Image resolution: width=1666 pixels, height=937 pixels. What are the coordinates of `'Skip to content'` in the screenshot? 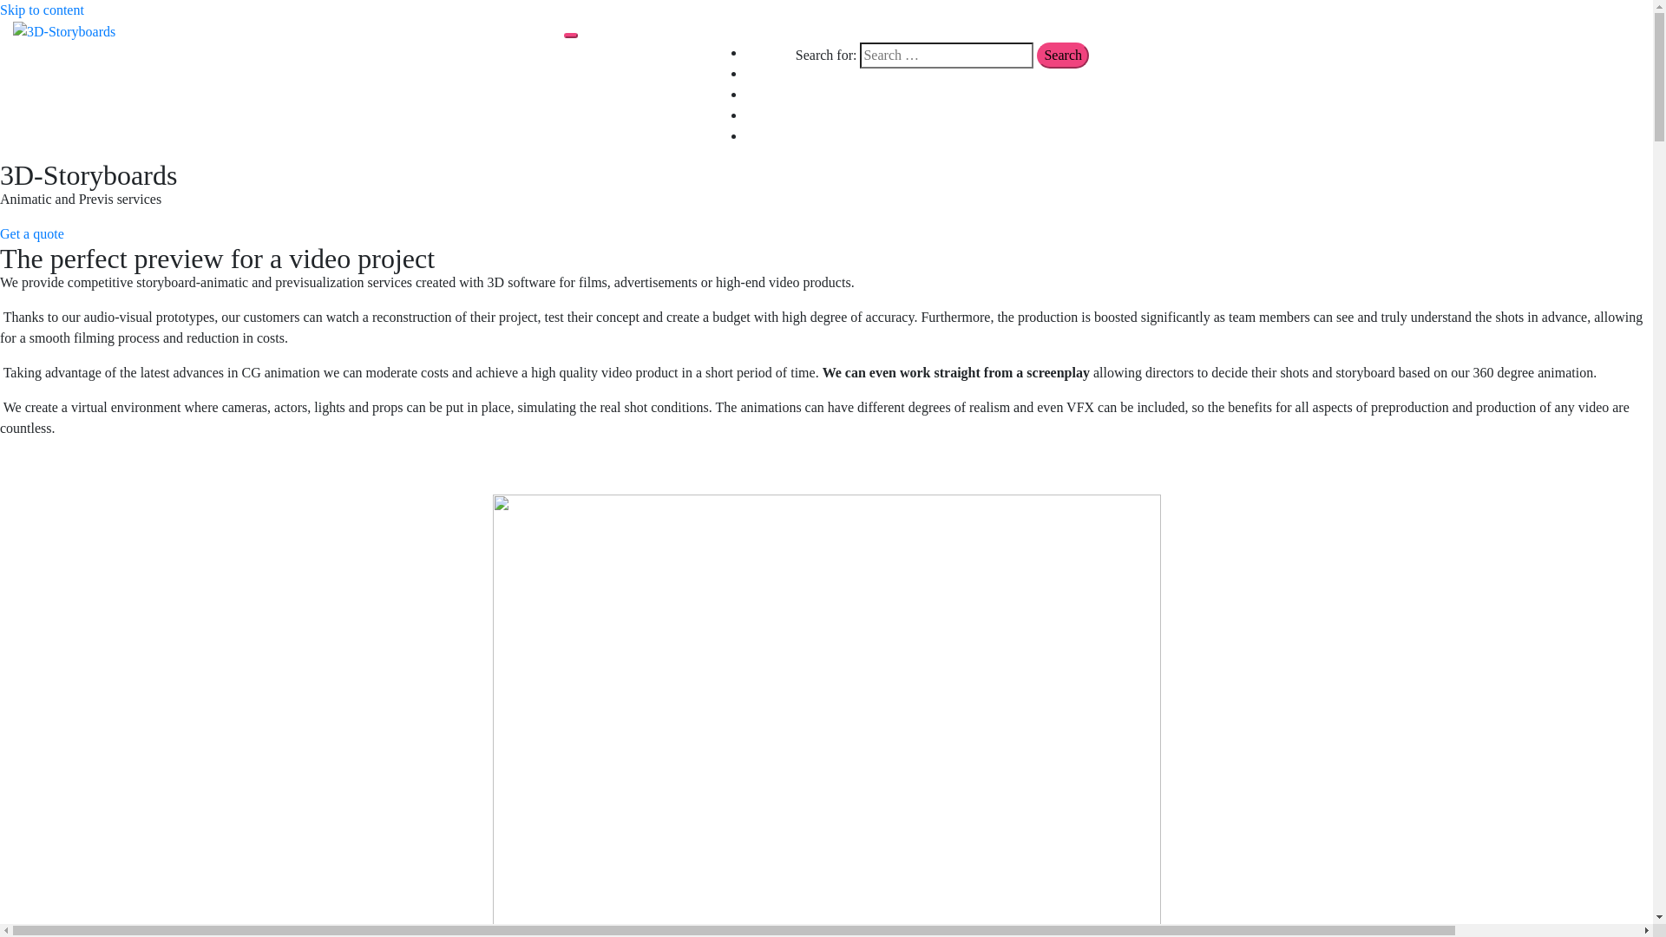 It's located at (42, 10).